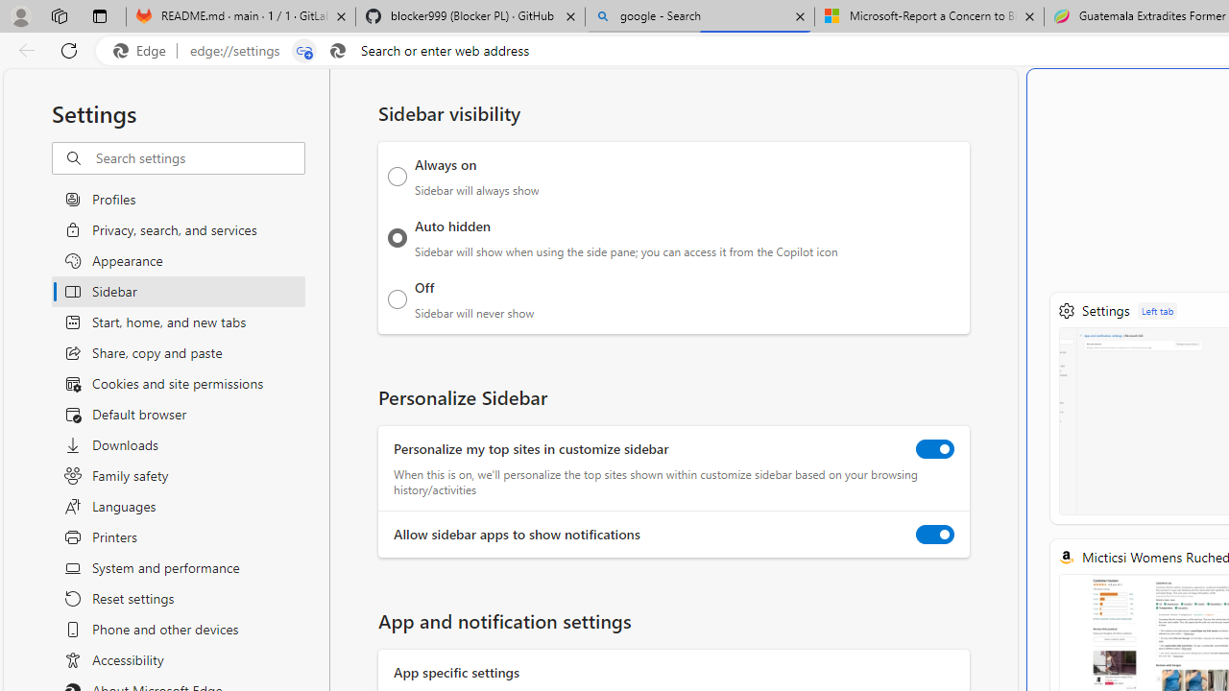  What do you see at coordinates (143, 50) in the screenshot?
I see `'Edge'` at bounding box center [143, 50].